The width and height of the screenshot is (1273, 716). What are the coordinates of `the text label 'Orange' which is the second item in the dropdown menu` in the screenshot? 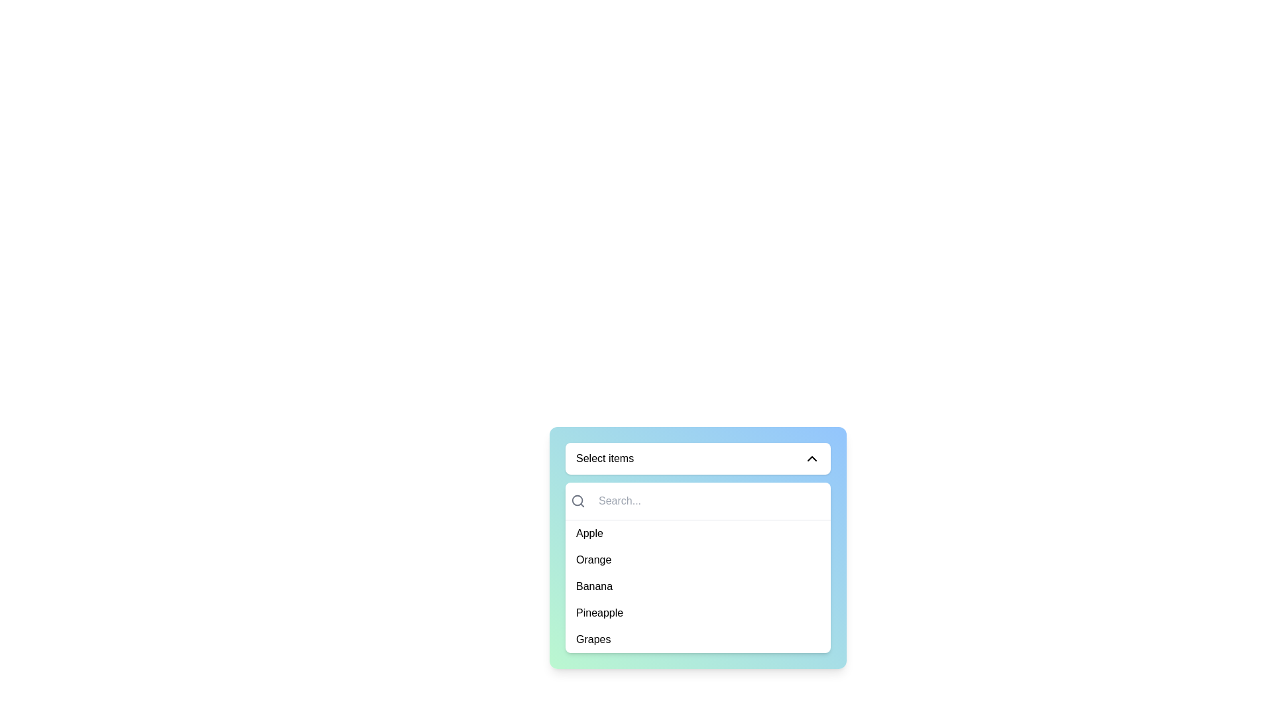 It's located at (593, 560).